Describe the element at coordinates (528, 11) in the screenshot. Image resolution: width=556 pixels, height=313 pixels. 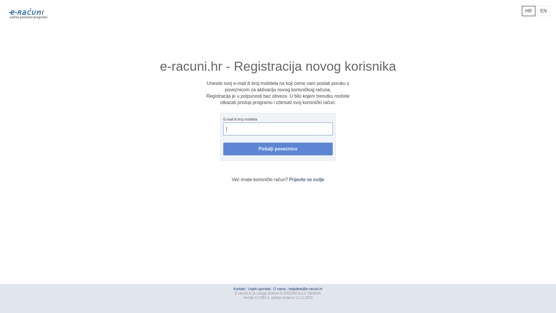
I see `'HR'` at that location.